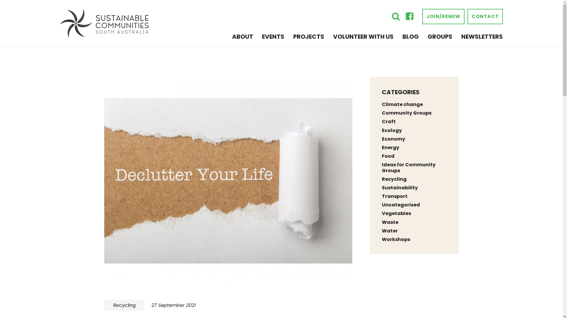 Image resolution: width=567 pixels, height=319 pixels. What do you see at coordinates (381, 239) in the screenshot?
I see `'Workshops'` at bounding box center [381, 239].